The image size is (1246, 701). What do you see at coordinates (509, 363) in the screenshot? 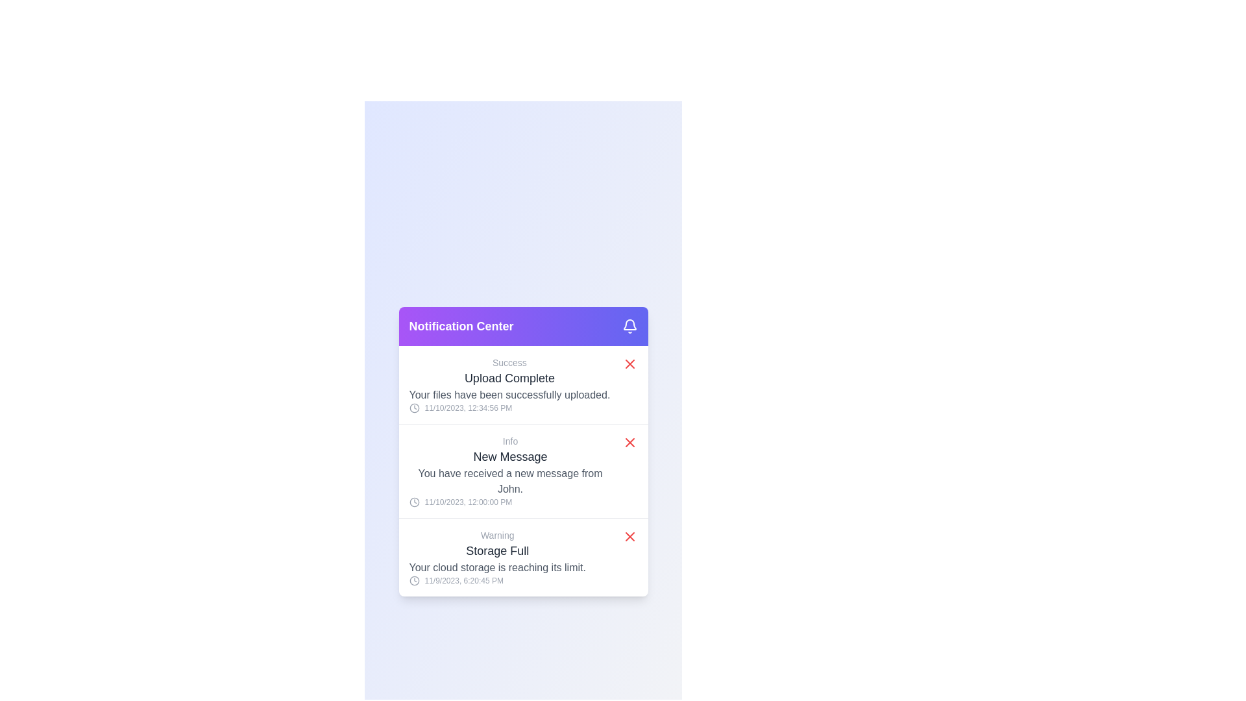
I see `the success status label located above the 'Upload Complete' header in the notification card` at bounding box center [509, 363].